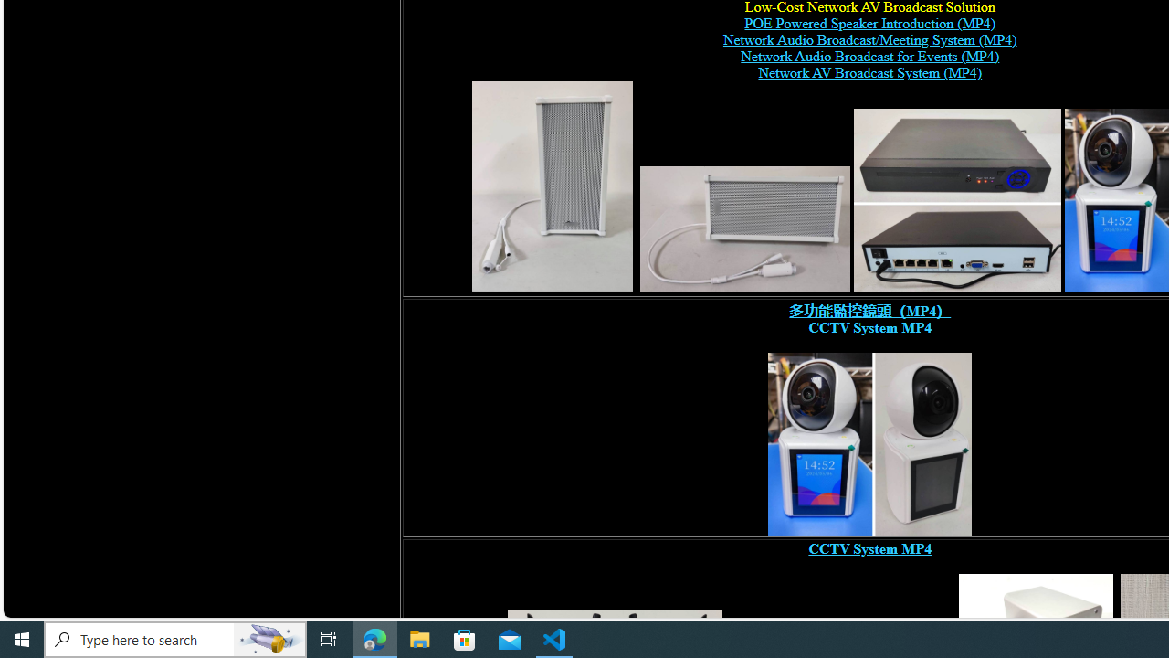 The image size is (1169, 658). Describe the element at coordinates (869, 72) in the screenshot. I see `'Network AV Broadcast System (MP4)'` at that location.